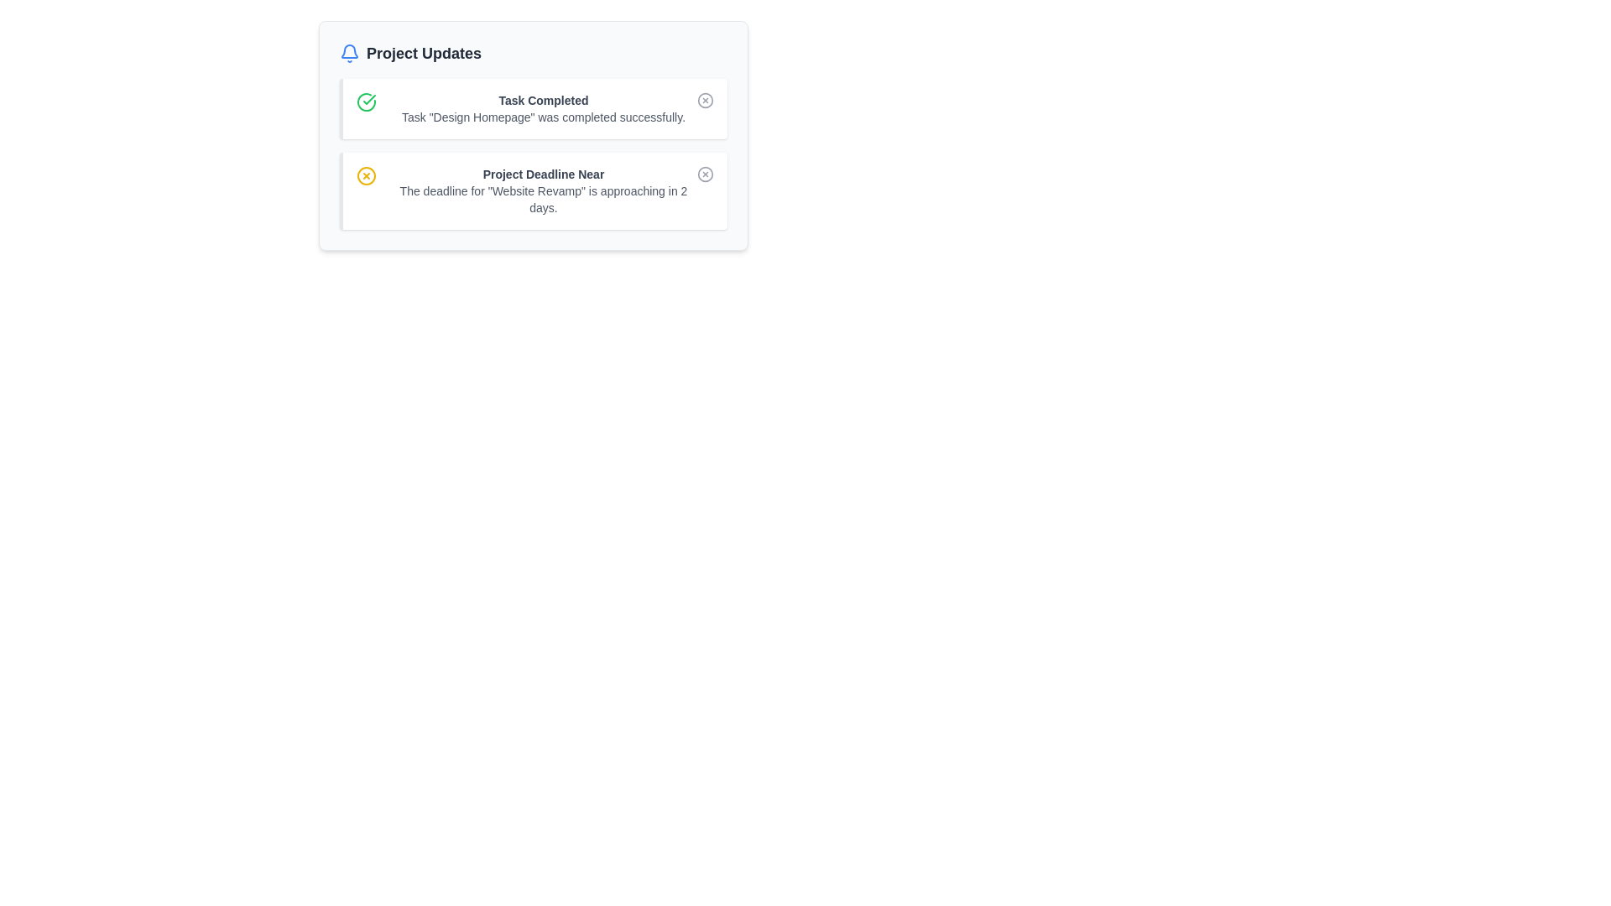  What do you see at coordinates (365, 175) in the screenshot?
I see `the central circular component of the warning icon in the 'Project Deadline Near' notification card` at bounding box center [365, 175].